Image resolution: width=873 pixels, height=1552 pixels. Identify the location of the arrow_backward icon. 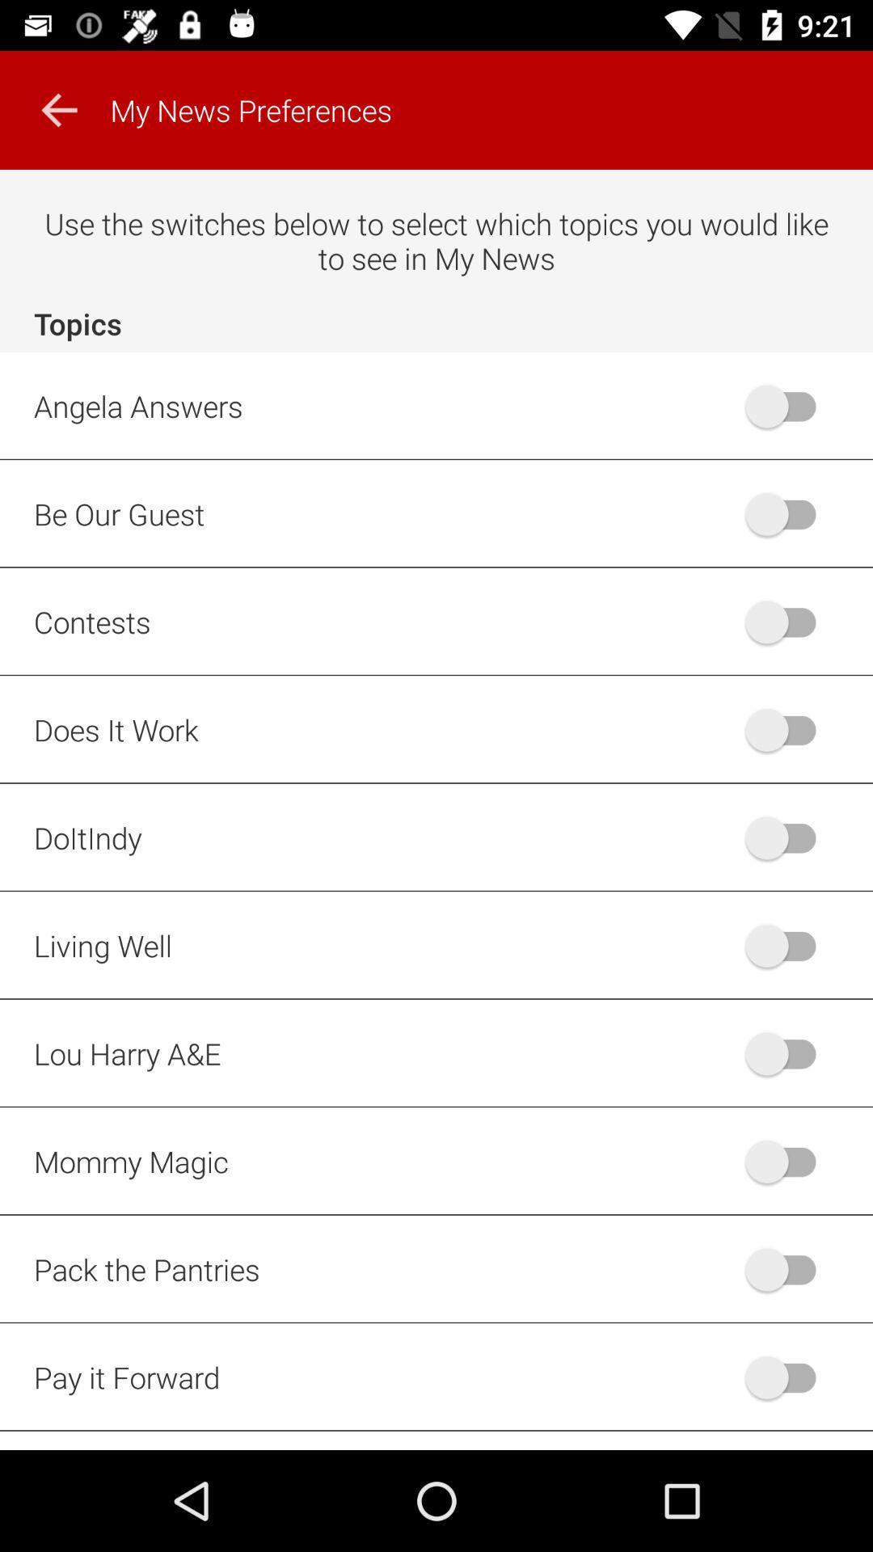
(58, 109).